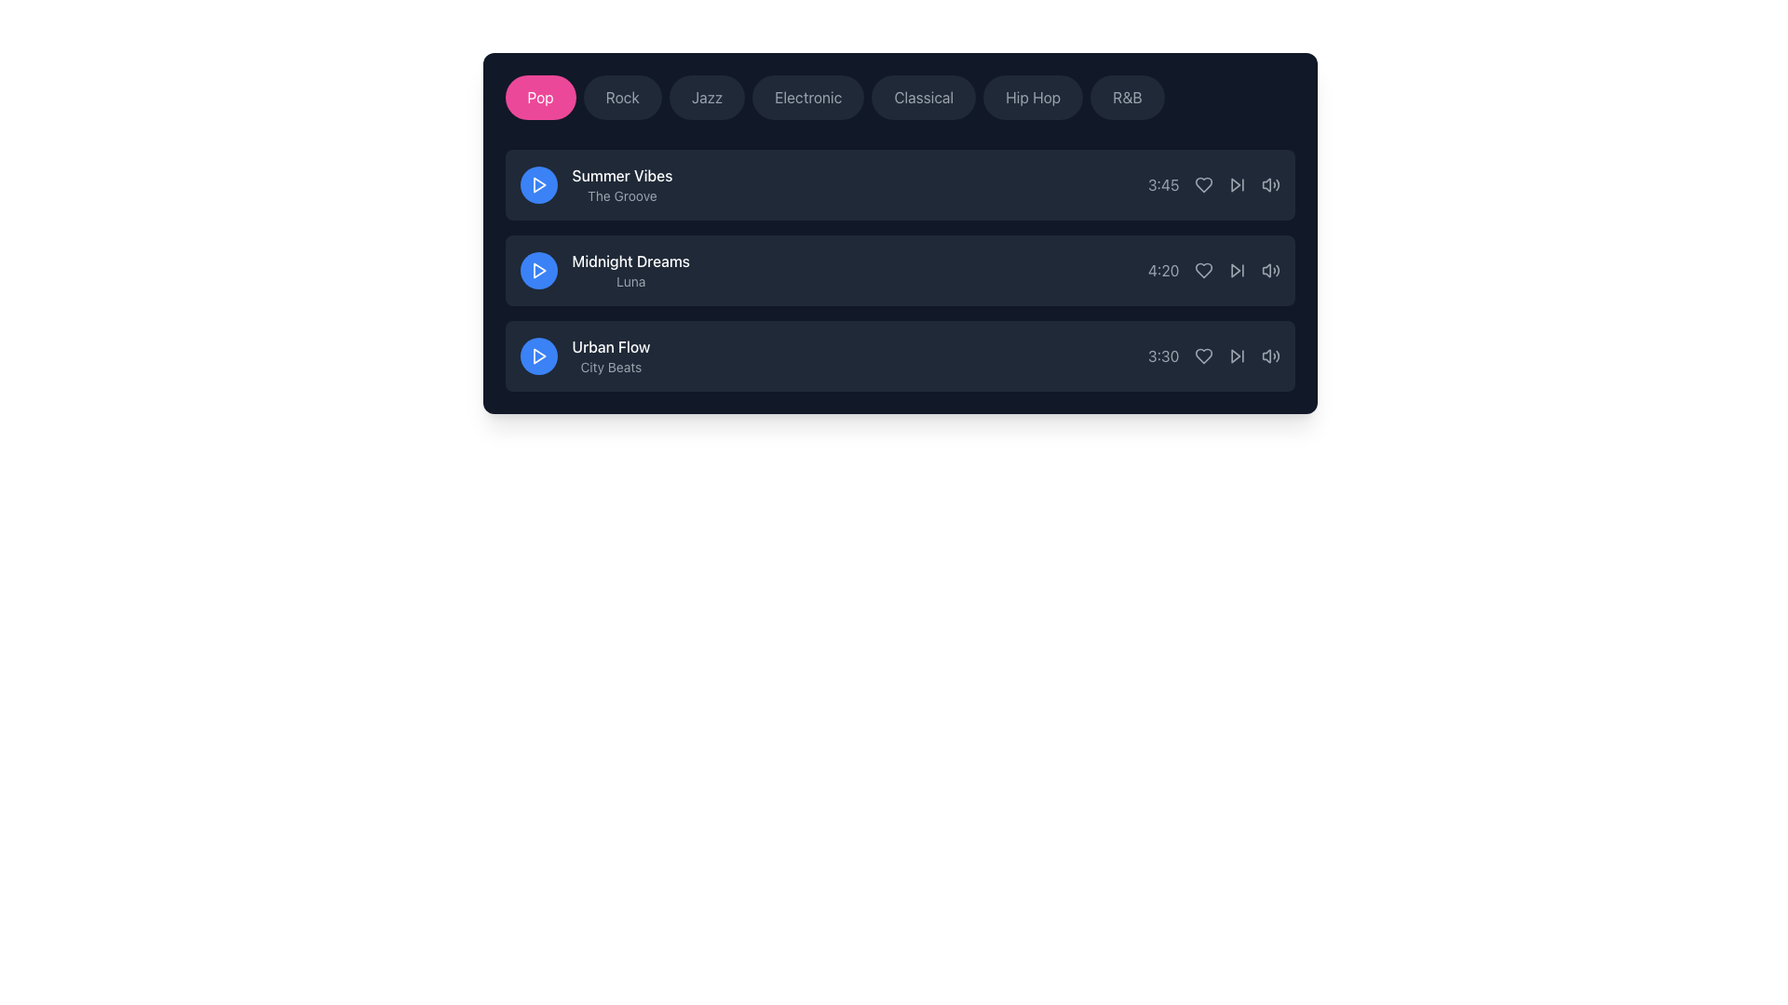  Describe the element at coordinates (622, 185) in the screenshot. I see `displayed text from the title and subtitle of the first music entry, located to the right of the circular play button with a blue background` at that location.